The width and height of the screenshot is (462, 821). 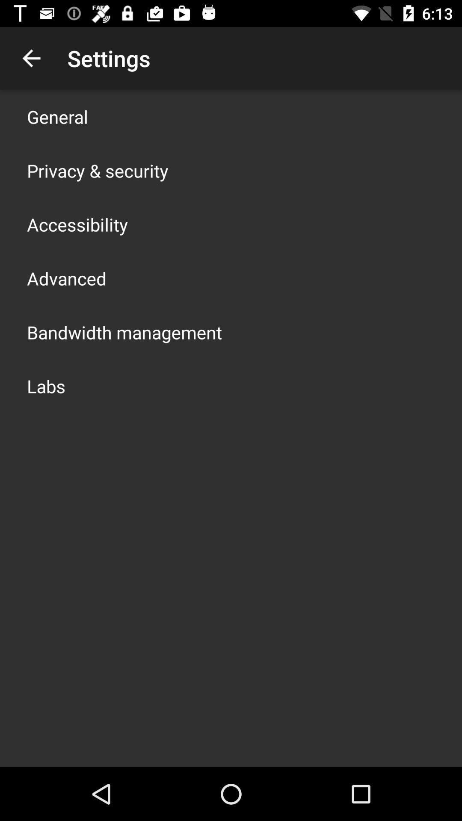 What do you see at coordinates (77, 224) in the screenshot?
I see `the icon below the privacy & security app` at bounding box center [77, 224].